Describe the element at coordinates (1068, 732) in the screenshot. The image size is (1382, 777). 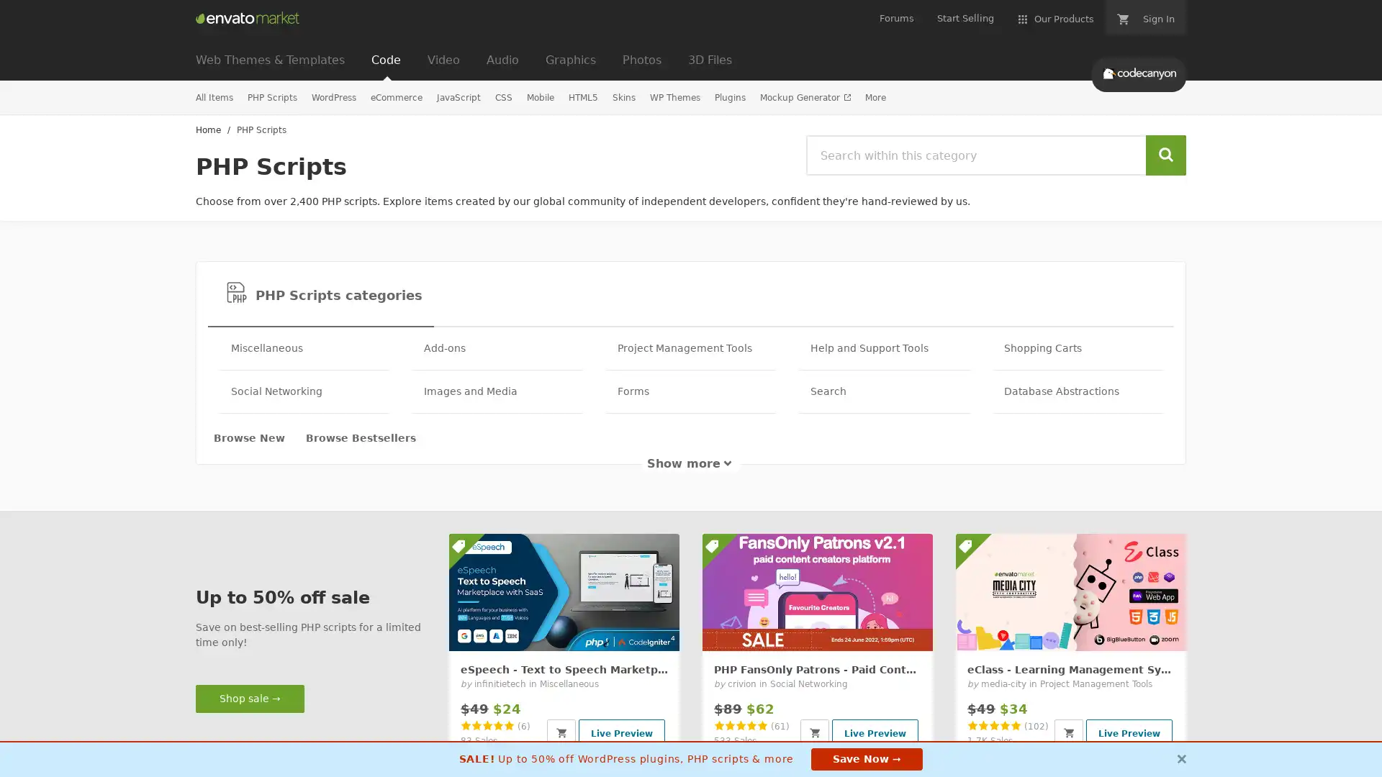
I see `Add to cart` at that location.